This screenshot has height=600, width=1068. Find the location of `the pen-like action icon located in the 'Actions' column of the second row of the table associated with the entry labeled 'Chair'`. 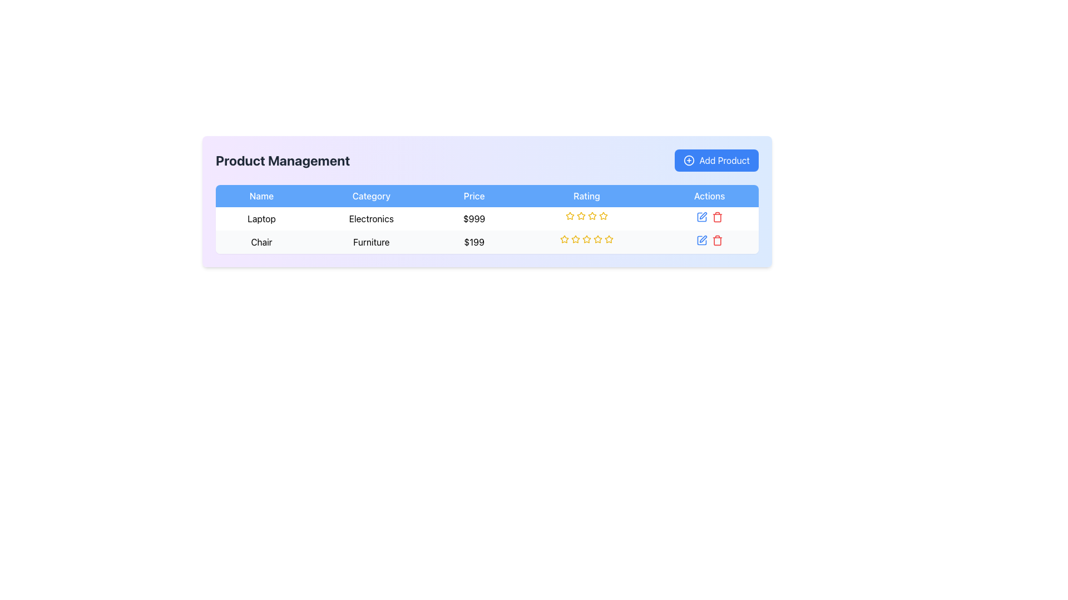

the pen-like action icon located in the 'Actions' column of the second row of the table associated with the entry labeled 'Chair' is located at coordinates (703, 216).